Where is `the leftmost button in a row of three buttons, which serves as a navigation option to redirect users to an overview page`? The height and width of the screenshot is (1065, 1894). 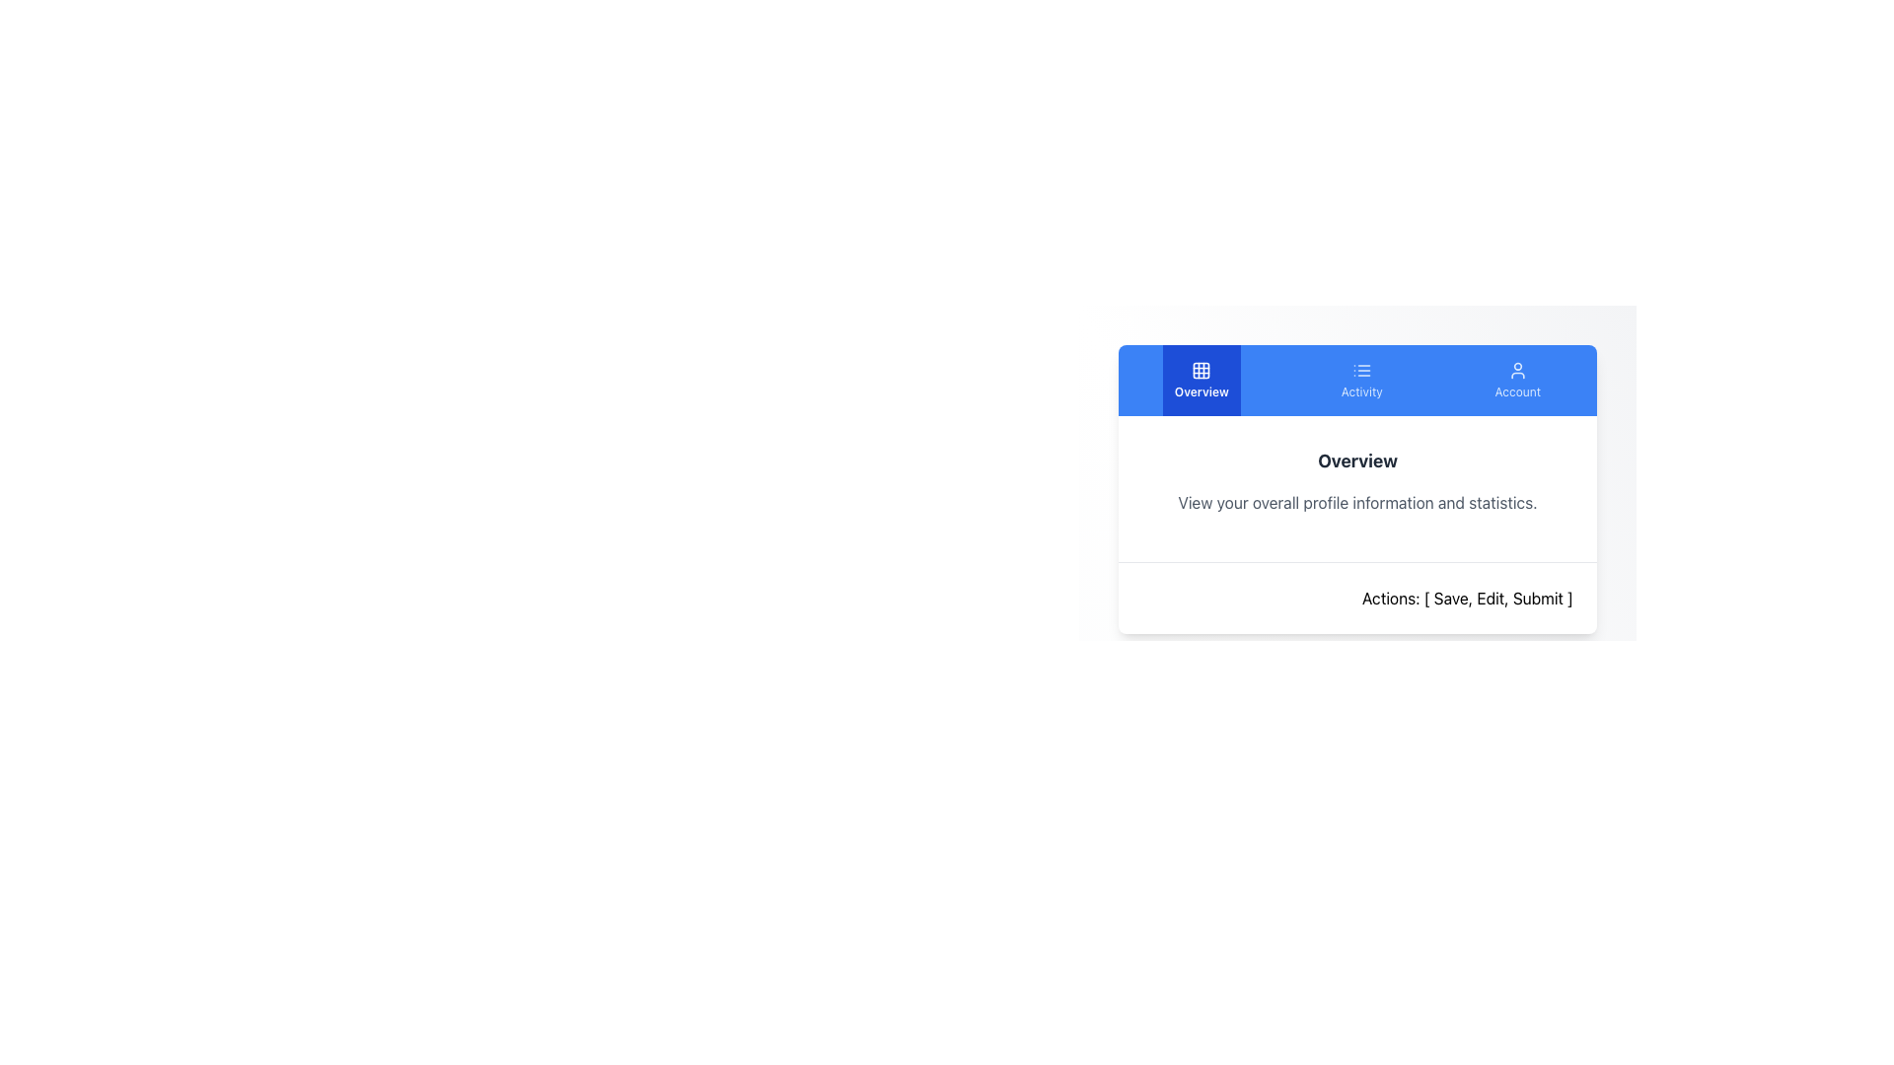 the leftmost button in a row of three buttons, which serves as a navigation option to redirect users to an overview page is located at coordinates (1201, 380).